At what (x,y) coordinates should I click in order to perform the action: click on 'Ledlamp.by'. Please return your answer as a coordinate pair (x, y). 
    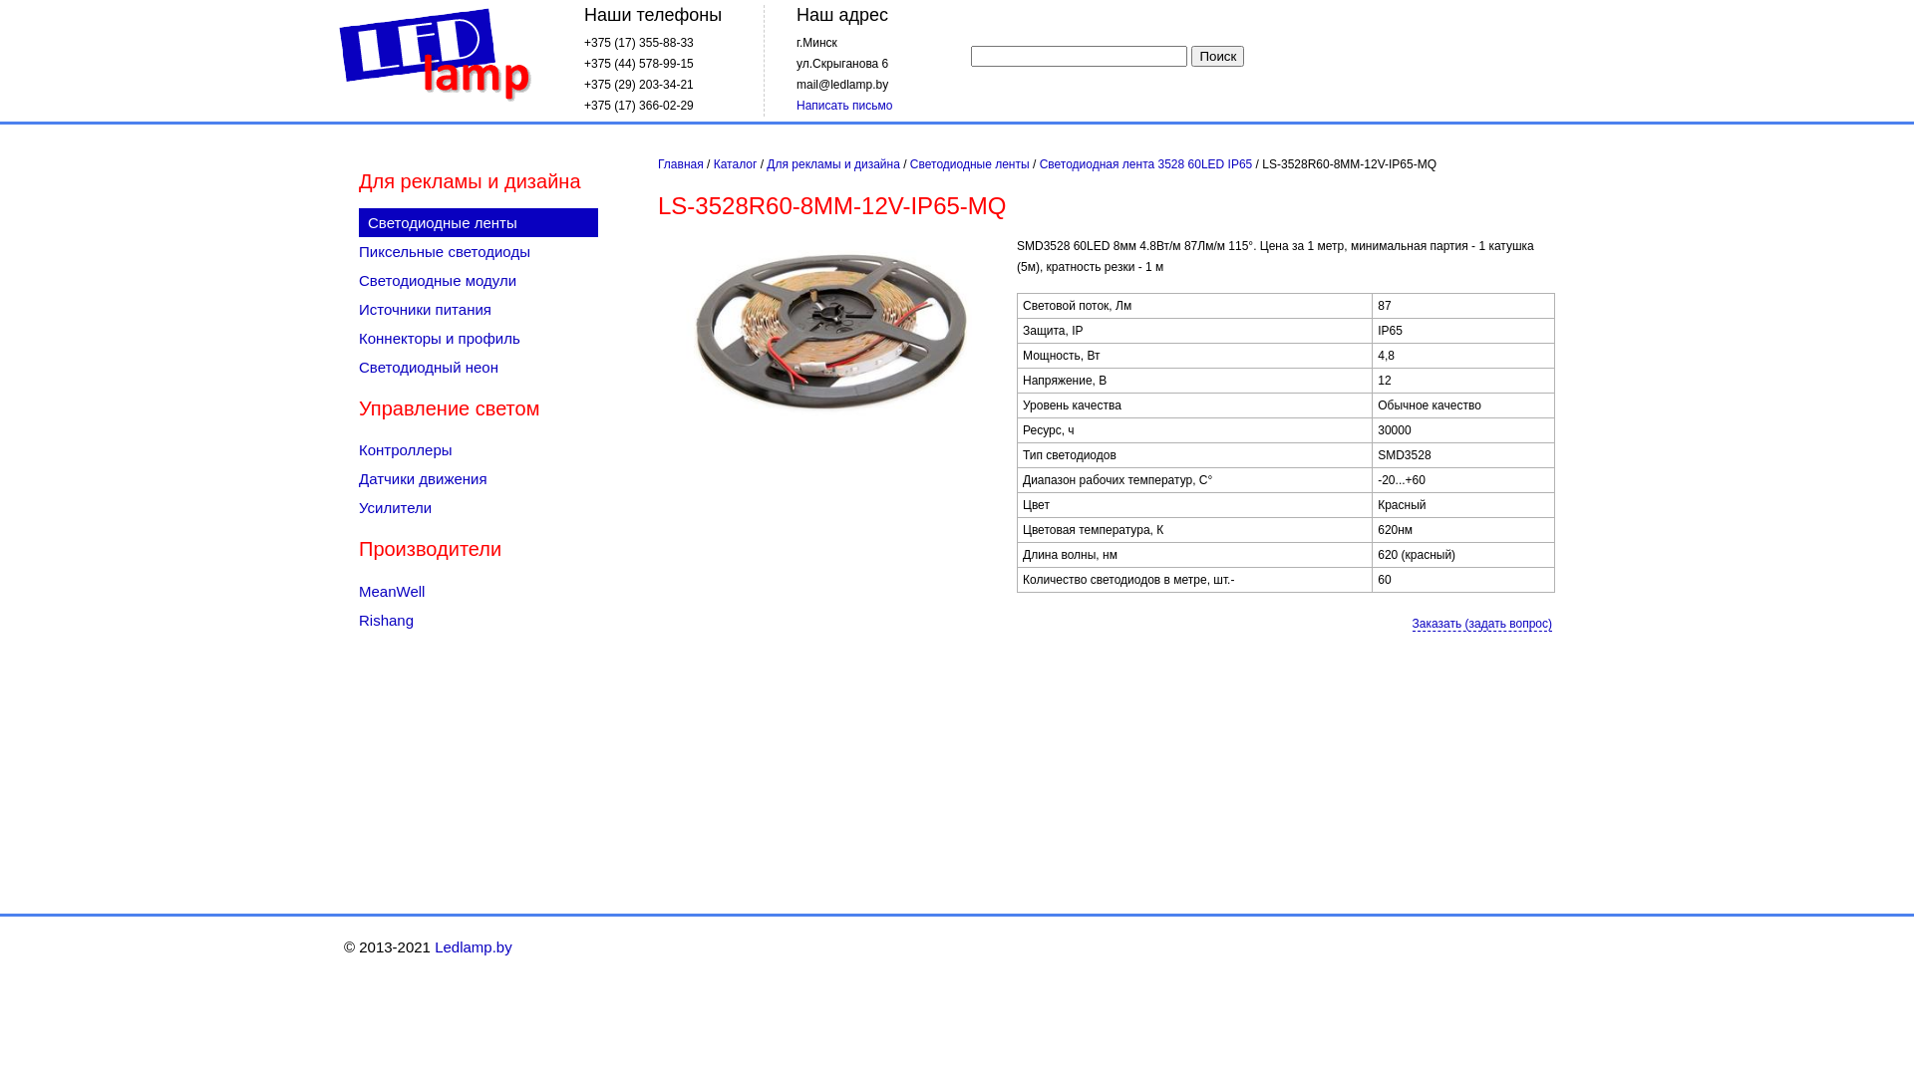
    Looking at the image, I should click on (334, 55).